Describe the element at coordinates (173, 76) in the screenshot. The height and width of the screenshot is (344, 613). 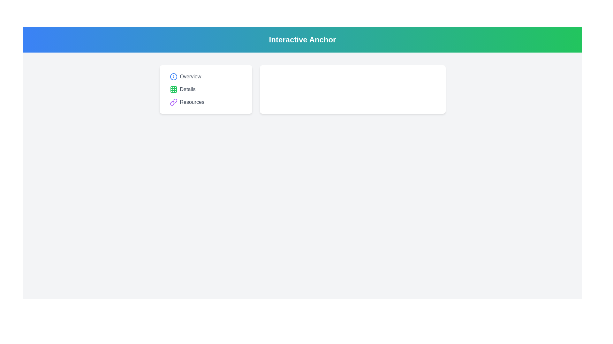
I see `the light blue circular icon representing the 'info' symbol, located to the left of the 'Overview' text in the menu-like interface` at that location.